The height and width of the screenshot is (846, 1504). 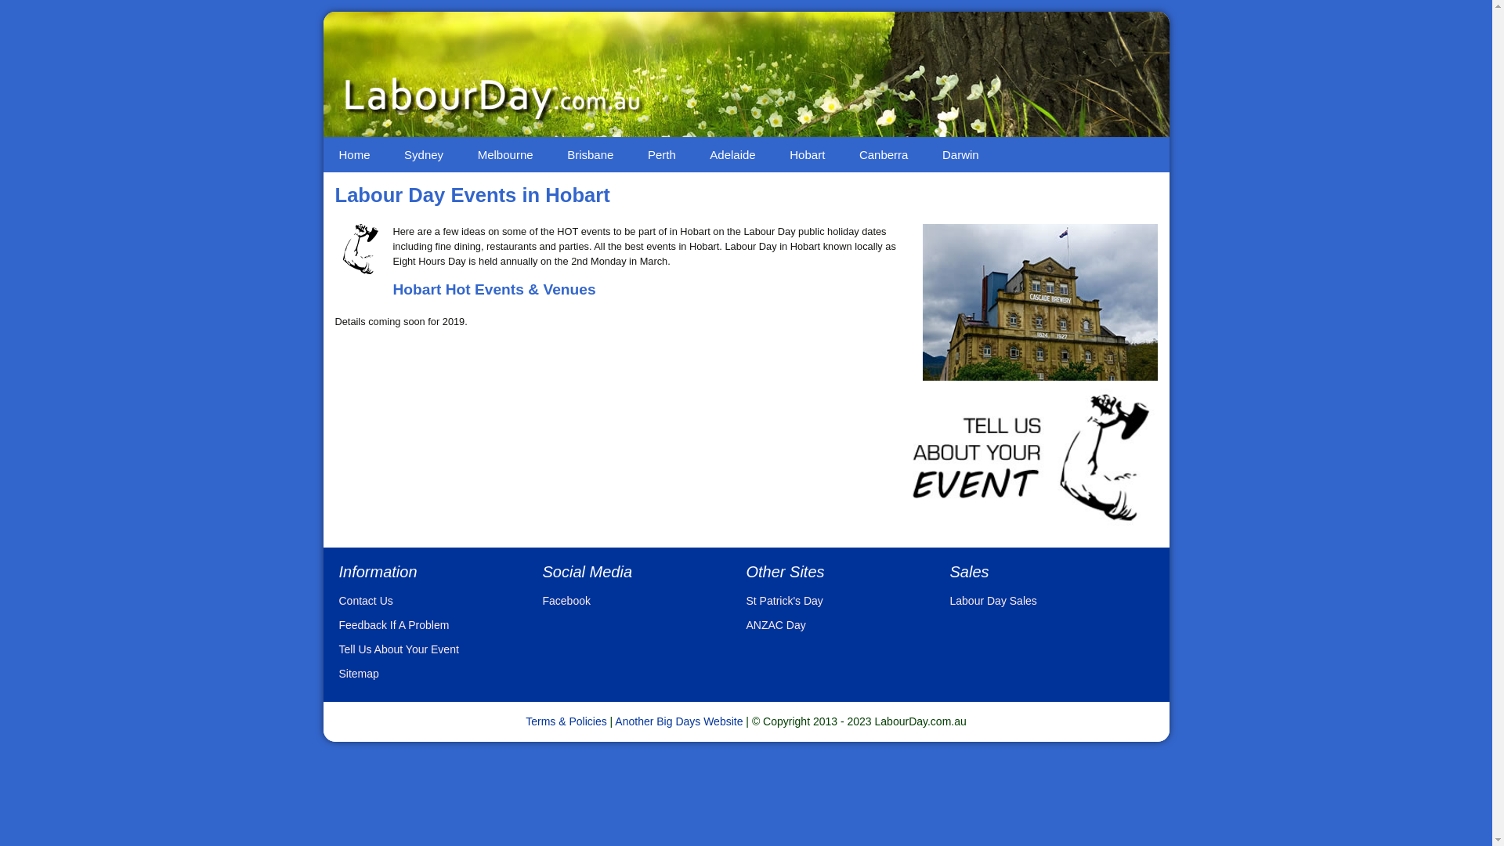 What do you see at coordinates (992, 600) in the screenshot?
I see `'Labour Day Sales'` at bounding box center [992, 600].